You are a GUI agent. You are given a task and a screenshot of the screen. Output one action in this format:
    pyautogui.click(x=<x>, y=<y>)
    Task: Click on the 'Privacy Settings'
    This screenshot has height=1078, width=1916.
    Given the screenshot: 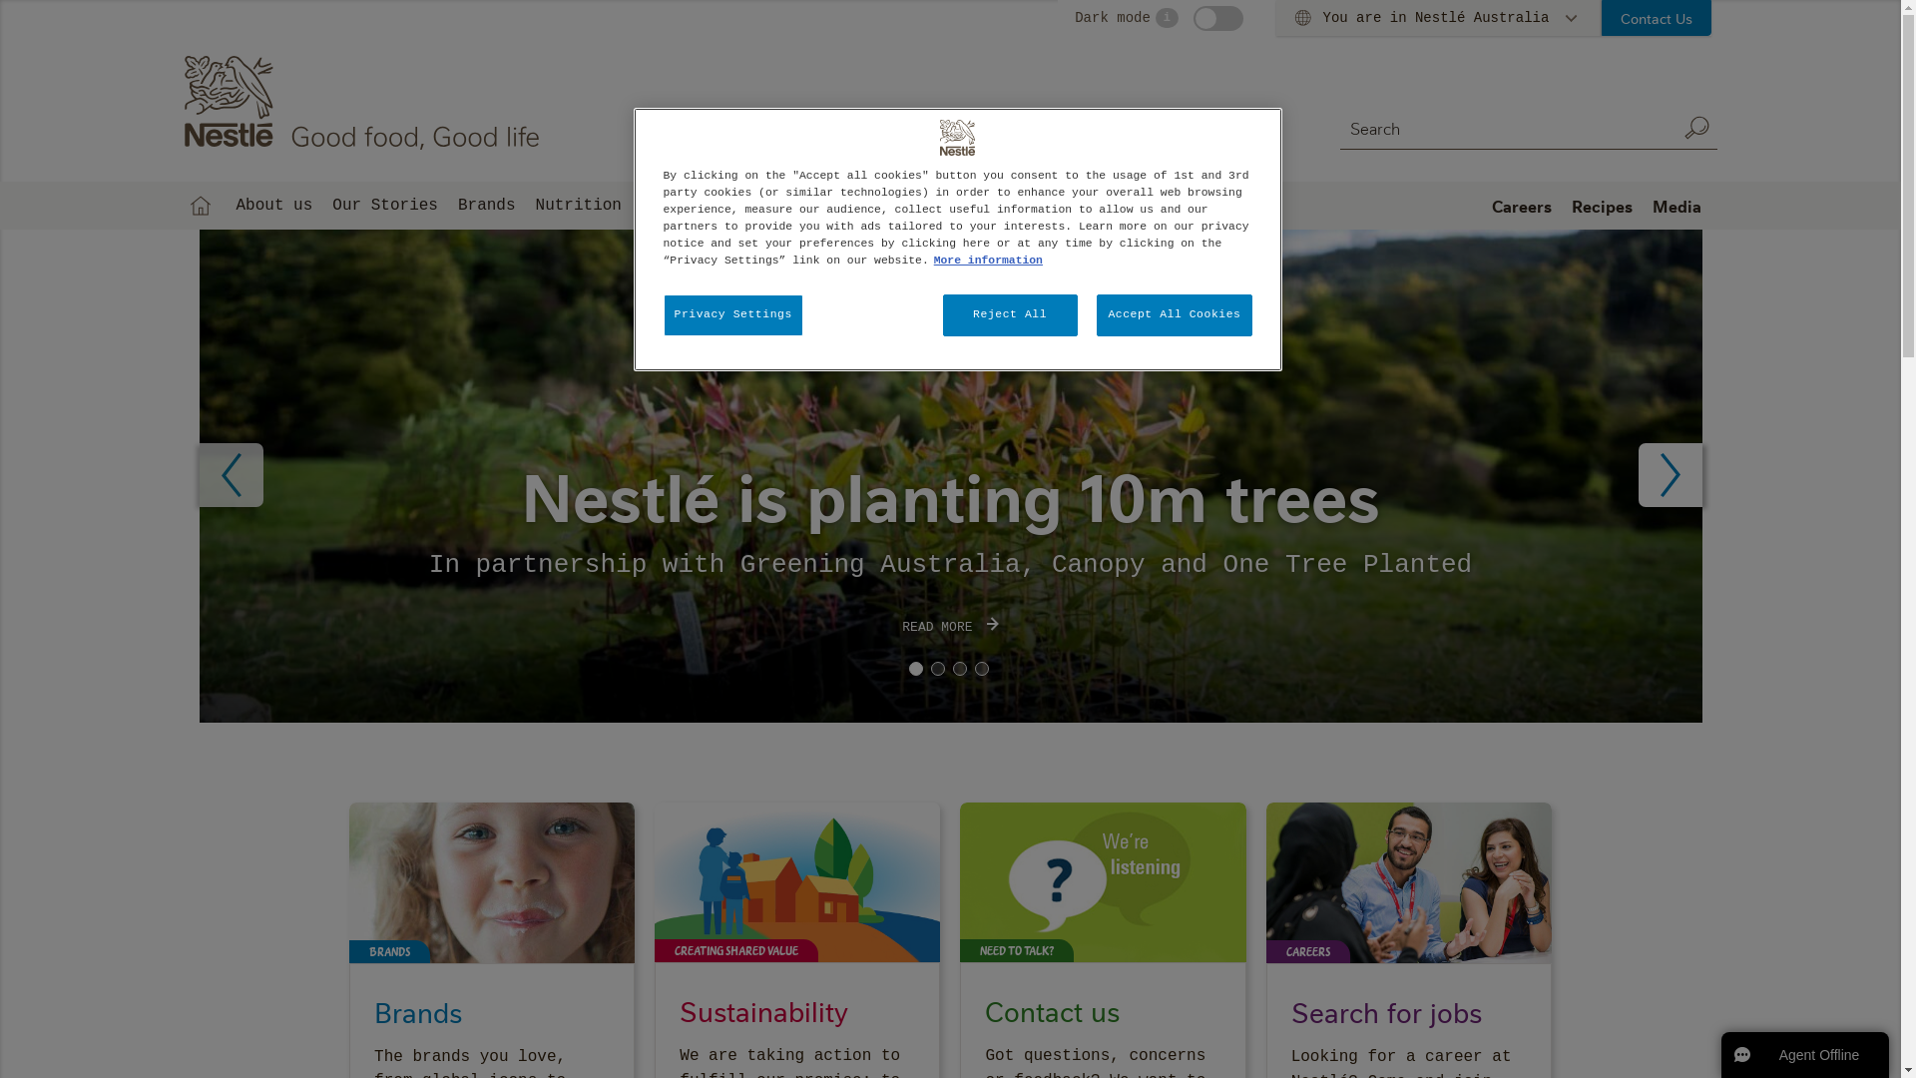 What is the action you would take?
    pyautogui.click(x=731, y=314)
    